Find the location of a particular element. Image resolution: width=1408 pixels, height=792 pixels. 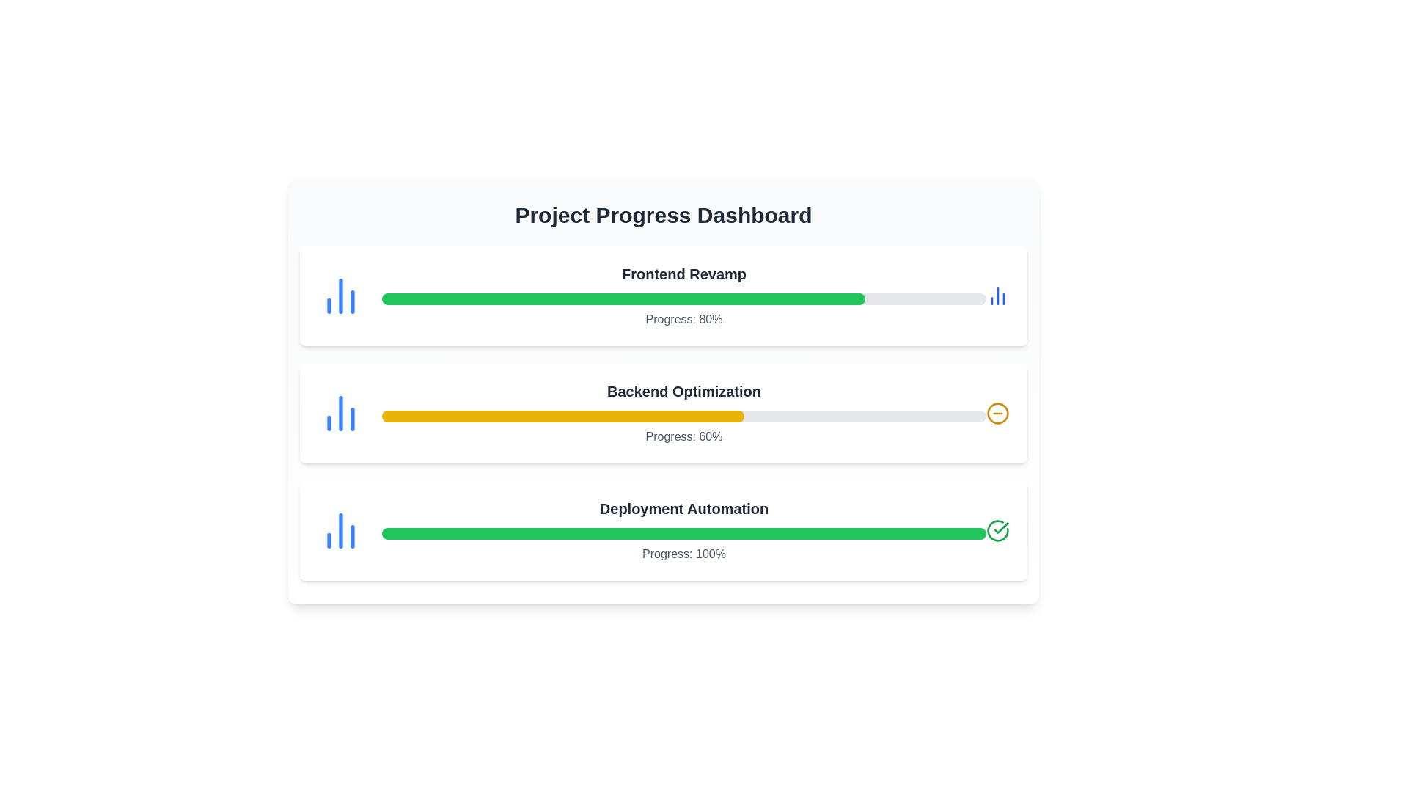

the 'Deployment Automation' header text is located at coordinates (683, 508).